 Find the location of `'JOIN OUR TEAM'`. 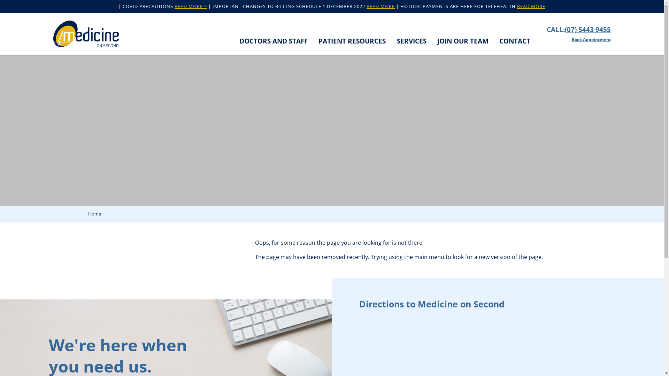

'JOIN OUR TEAM' is located at coordinates (463, 41).